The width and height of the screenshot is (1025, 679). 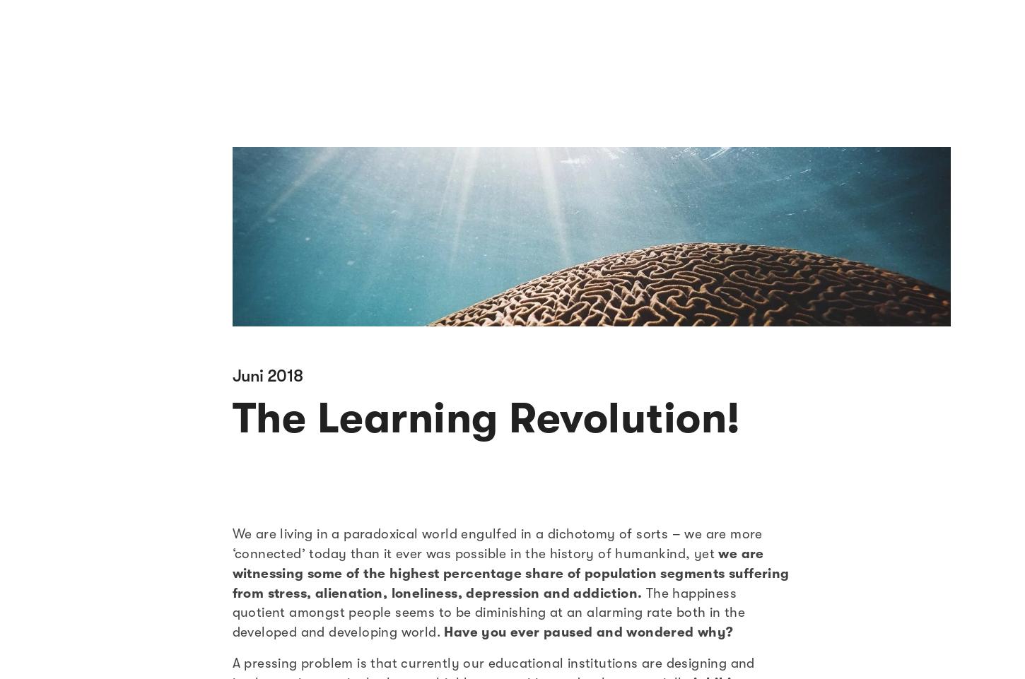 What do you see at coordinates (47, 498) in the screenshot?
I see `'Kultur'` at bounding box center [47, 498].